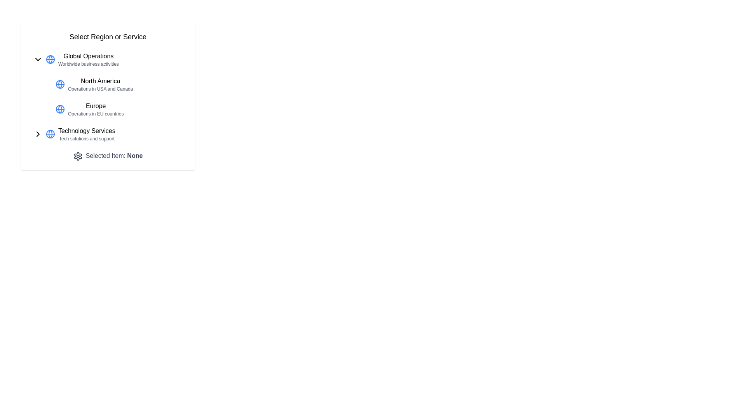 The width and height of the screenshot is (746, 420). Describe the element at coordinates (88, 56) in the screenshot. I see `the Text label that serves as a header for the 'Global Operations' section, positioned above 'Worldwide business activities.'` at that location.